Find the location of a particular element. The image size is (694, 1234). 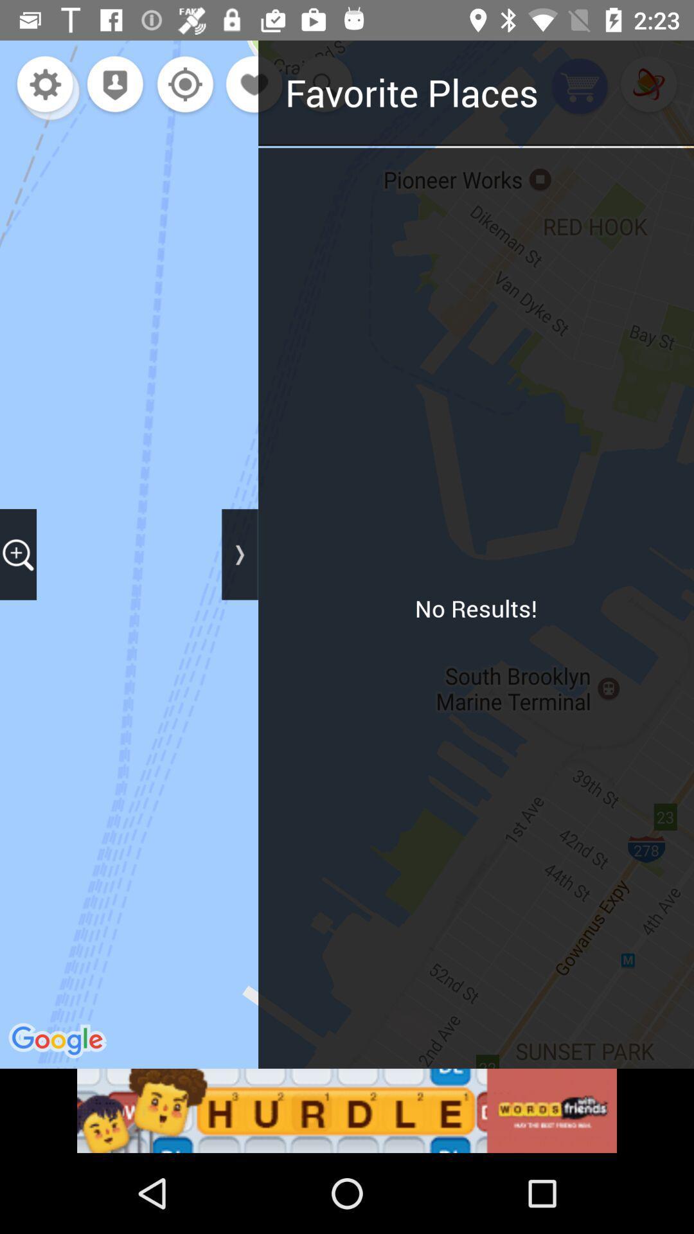

the settings icon is located at coordinates (44, 85).